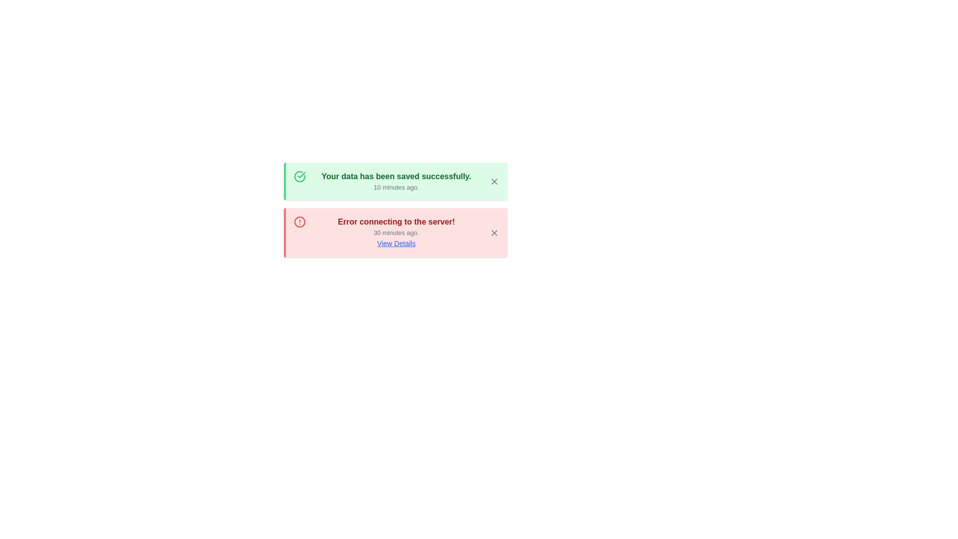  What do you see at coordinates (494, 181) in the screenshot?
I see `the dismiss button located at the top-right corner of the green notification banner` at bounding box center [494, 181].